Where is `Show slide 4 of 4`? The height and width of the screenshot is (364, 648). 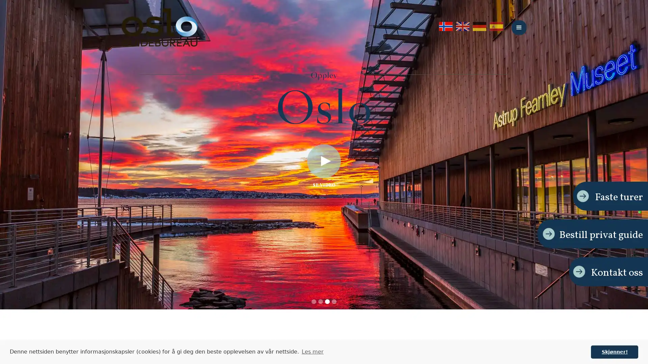
Show slide 4 of 4 is located at coordinates (334, 301).